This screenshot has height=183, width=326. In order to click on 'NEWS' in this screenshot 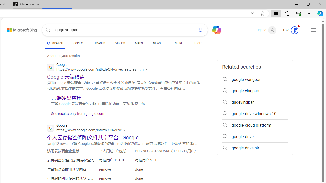, I will do `click(156, 44)`.